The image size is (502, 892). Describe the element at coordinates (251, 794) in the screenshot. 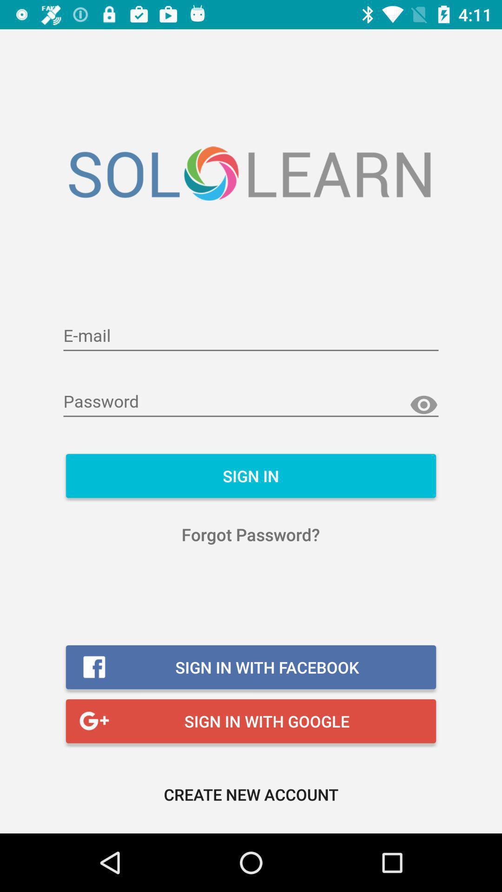

I see `the create new account icon` at that location.